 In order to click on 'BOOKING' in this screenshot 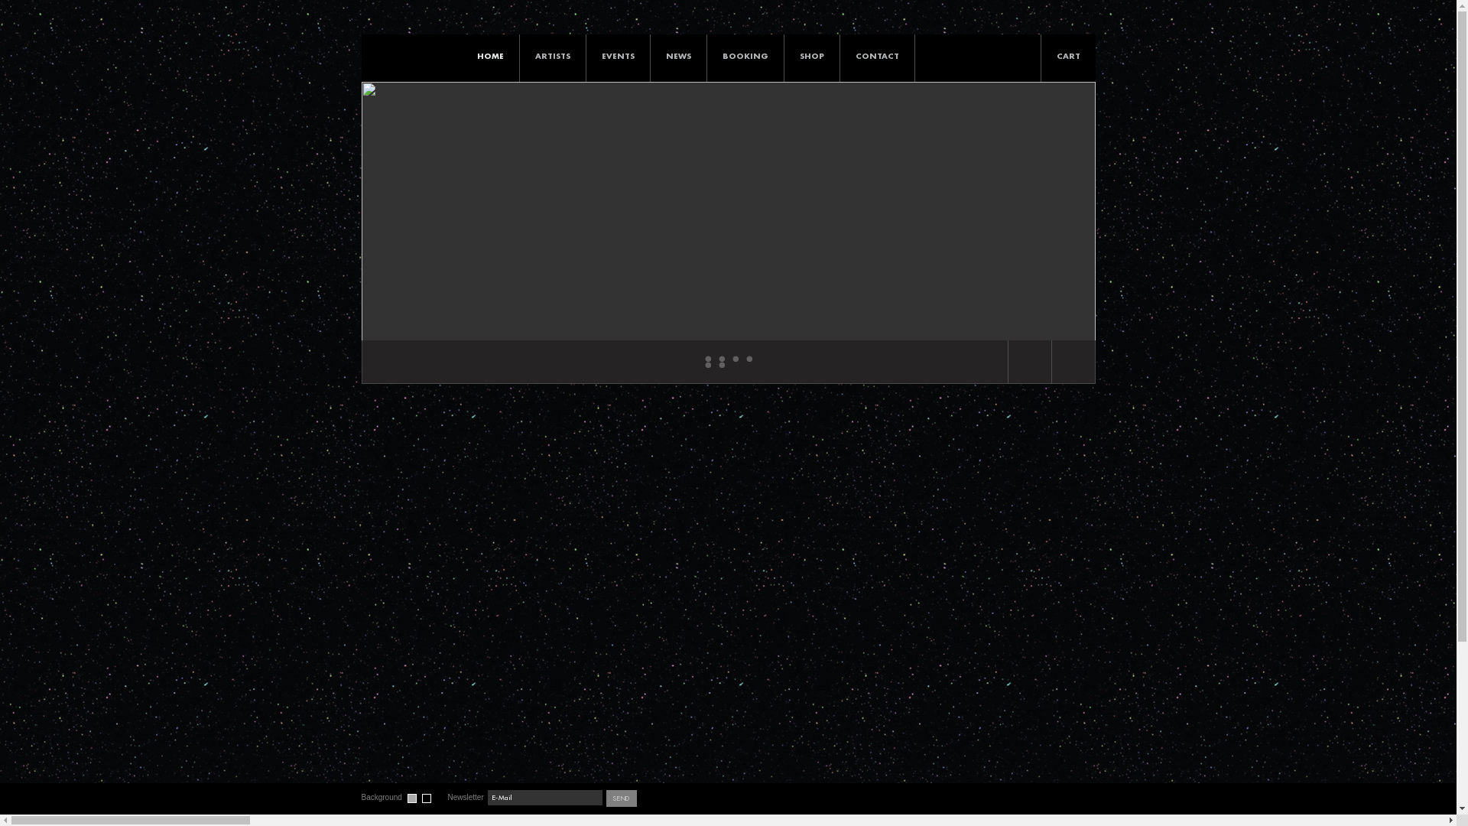, I will do `click(745, 55)`.